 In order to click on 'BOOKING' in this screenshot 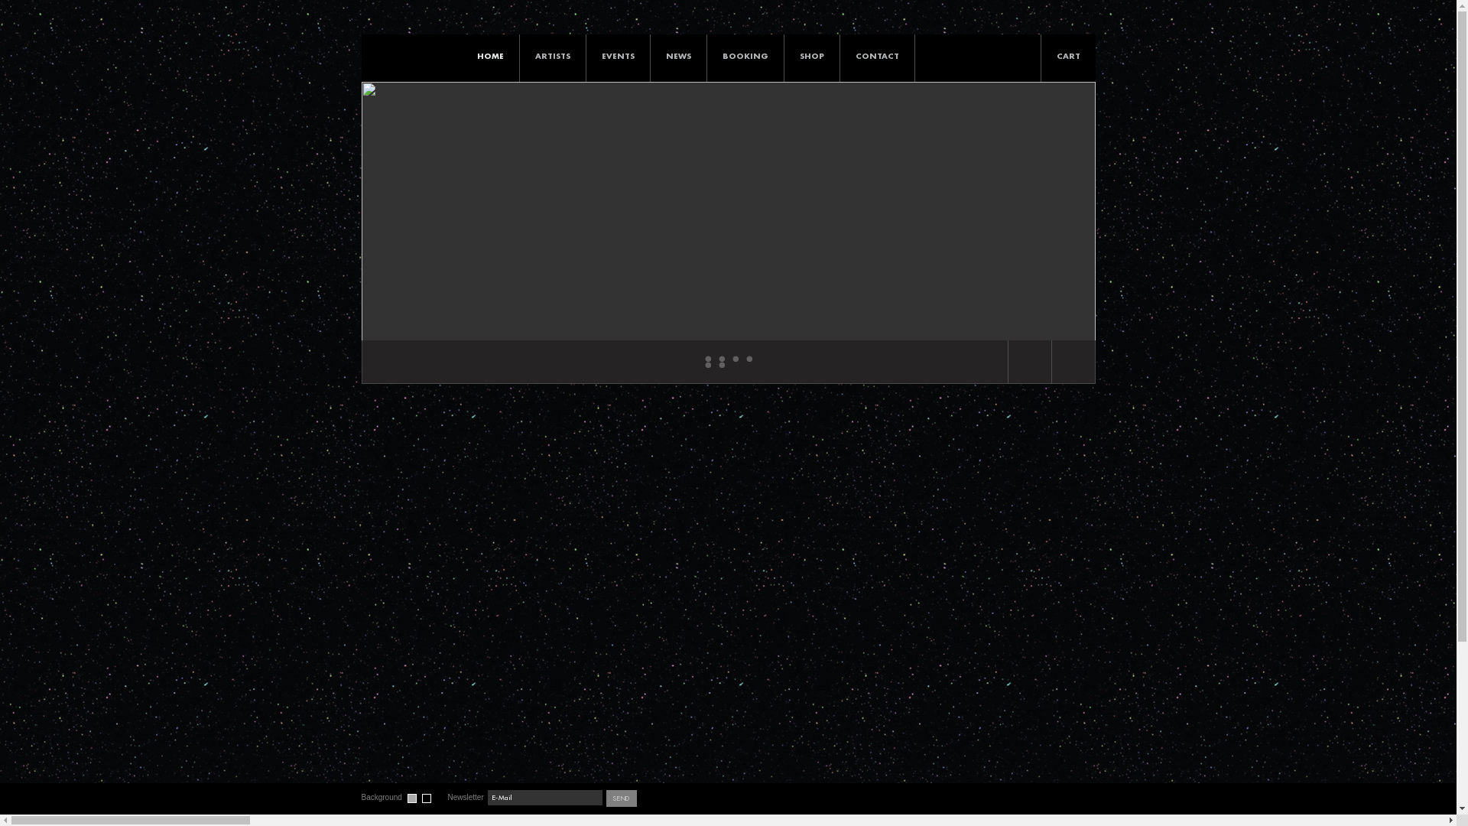, I will do `click(745, 55)`.